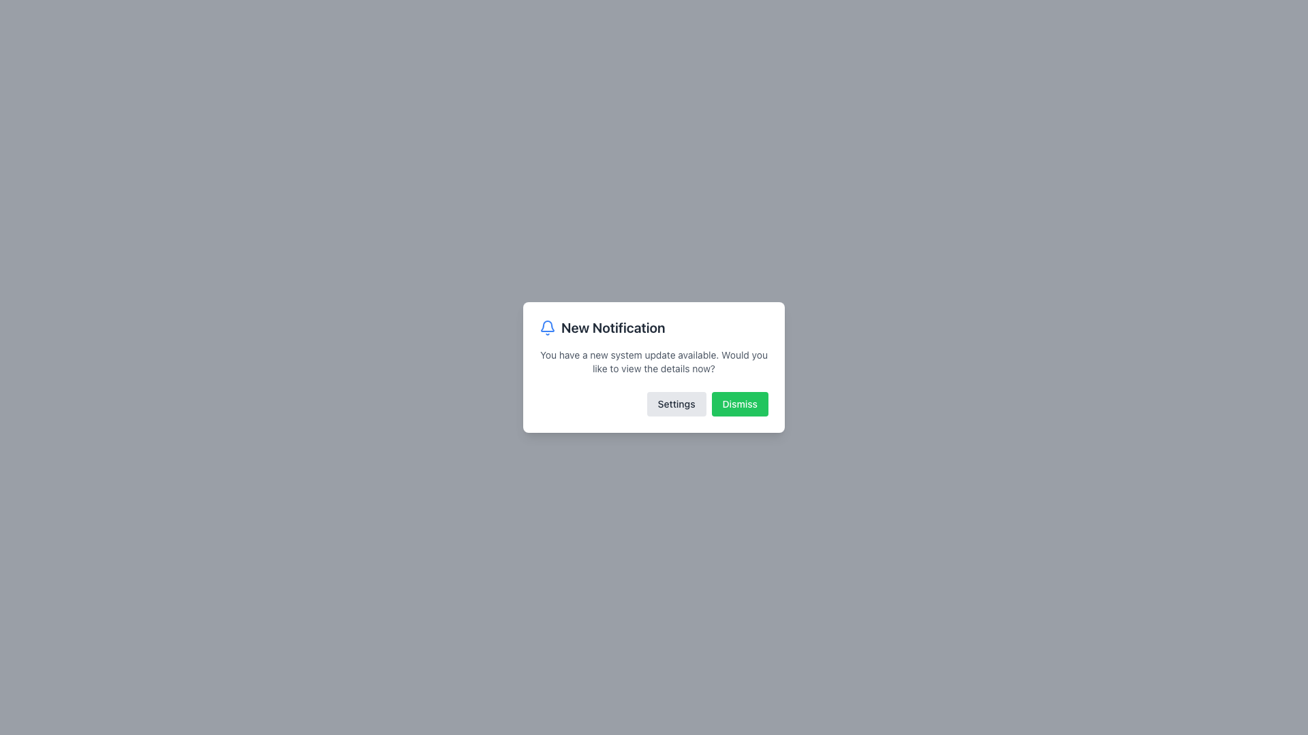  I want to click on the dismiss button located in the bottom-right segment of the modal dialog, so click(739, 404).